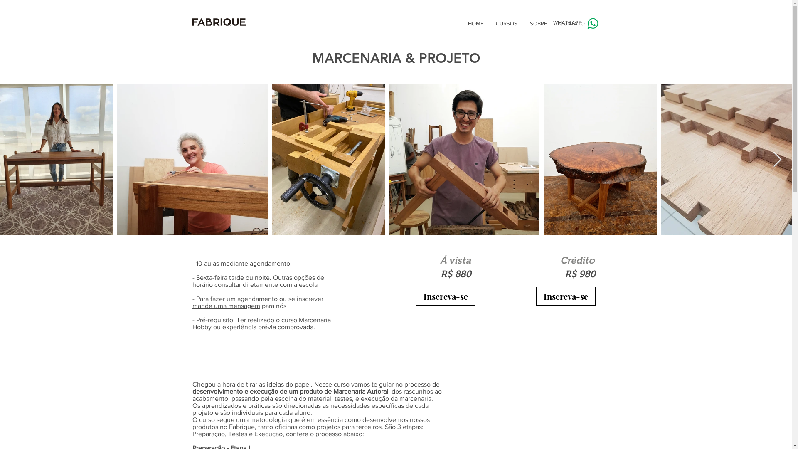  Describe the element at coordinates (553, 23) in the screenshot. I see `'CONTATO'` at that location.